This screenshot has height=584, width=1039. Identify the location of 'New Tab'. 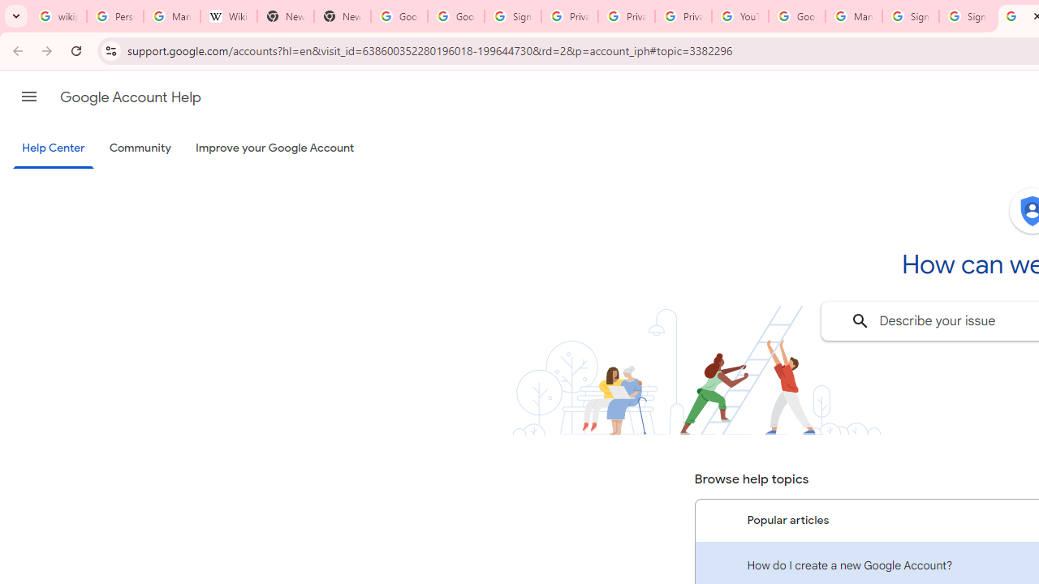
(341, 16).